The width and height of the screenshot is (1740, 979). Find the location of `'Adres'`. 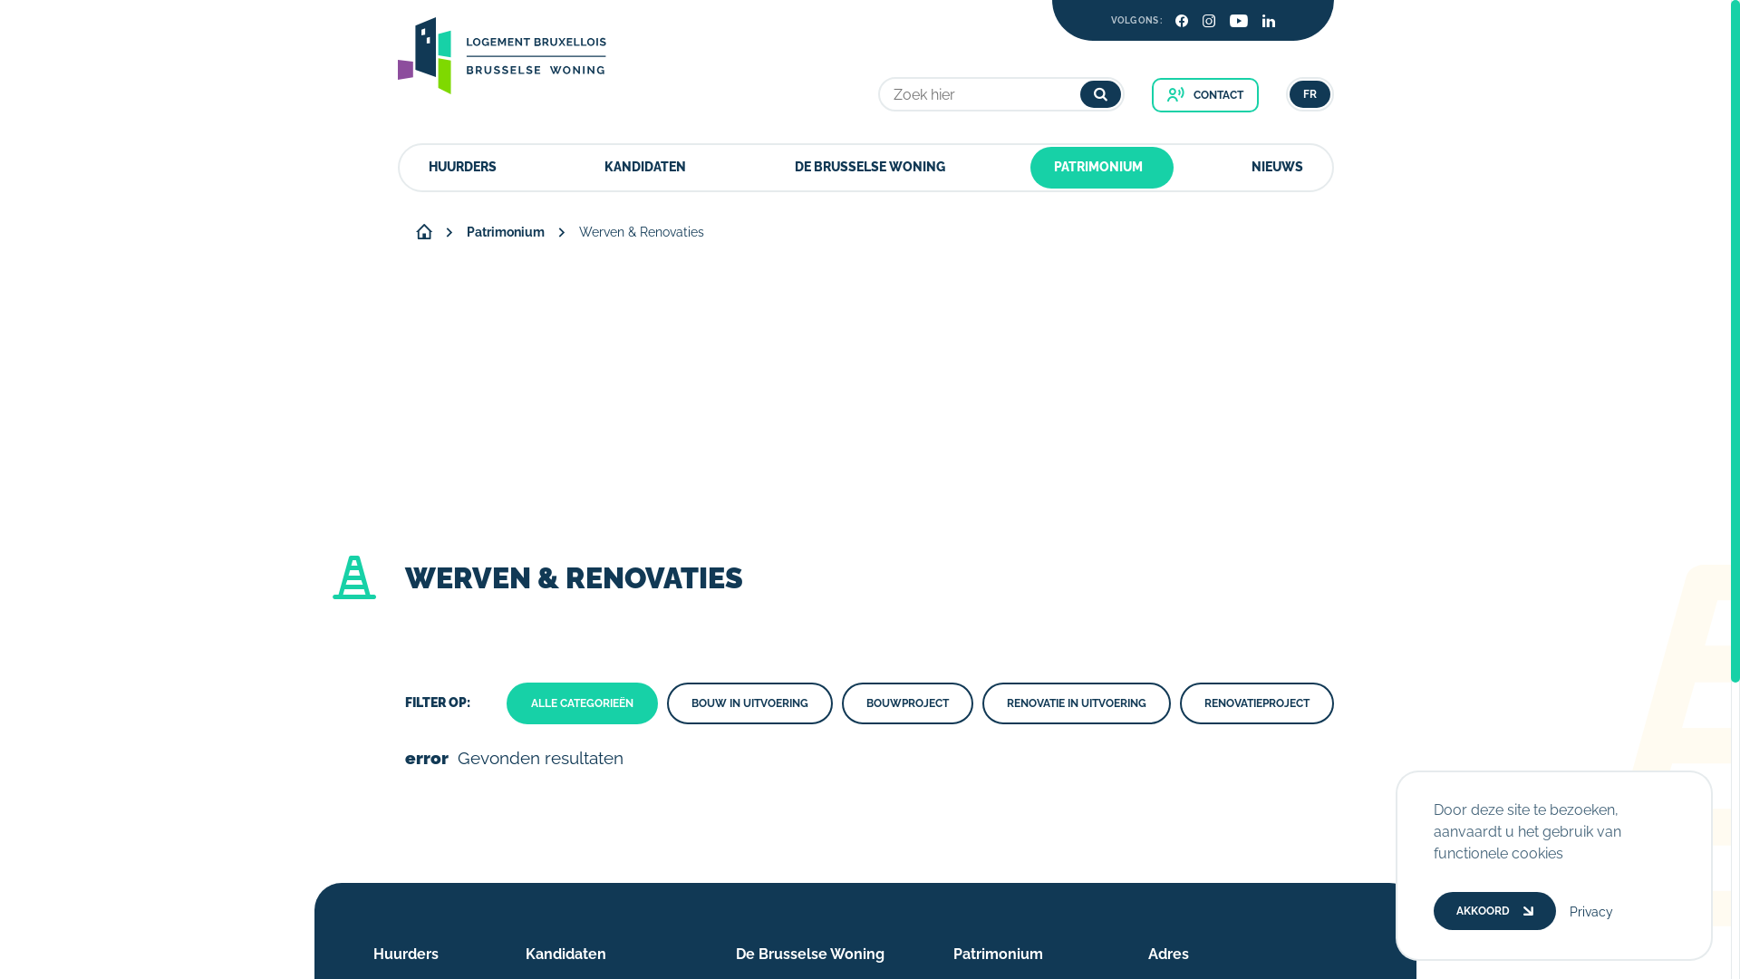

'Adres' is located at coordinates (1168, 953).